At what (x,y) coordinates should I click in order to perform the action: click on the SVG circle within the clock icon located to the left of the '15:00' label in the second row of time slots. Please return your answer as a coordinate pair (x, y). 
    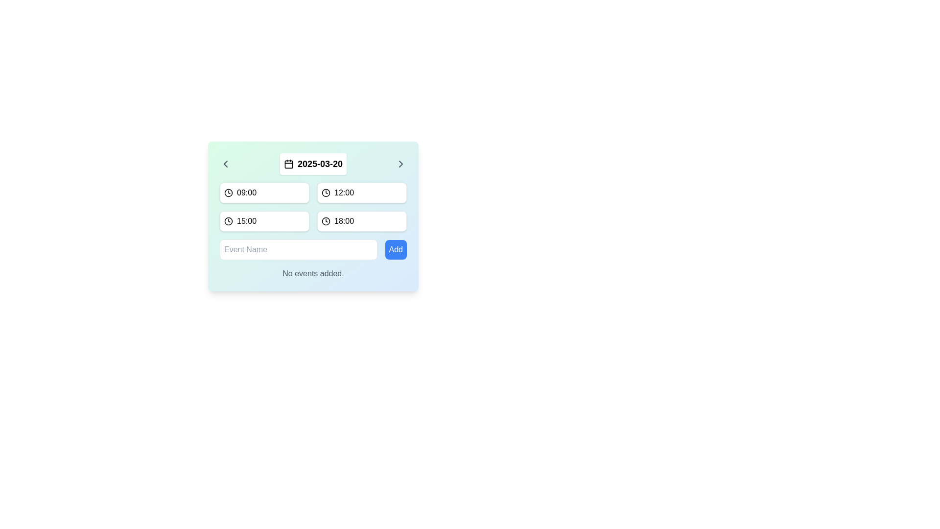
    Looking at the image, I should click on (228, 221).